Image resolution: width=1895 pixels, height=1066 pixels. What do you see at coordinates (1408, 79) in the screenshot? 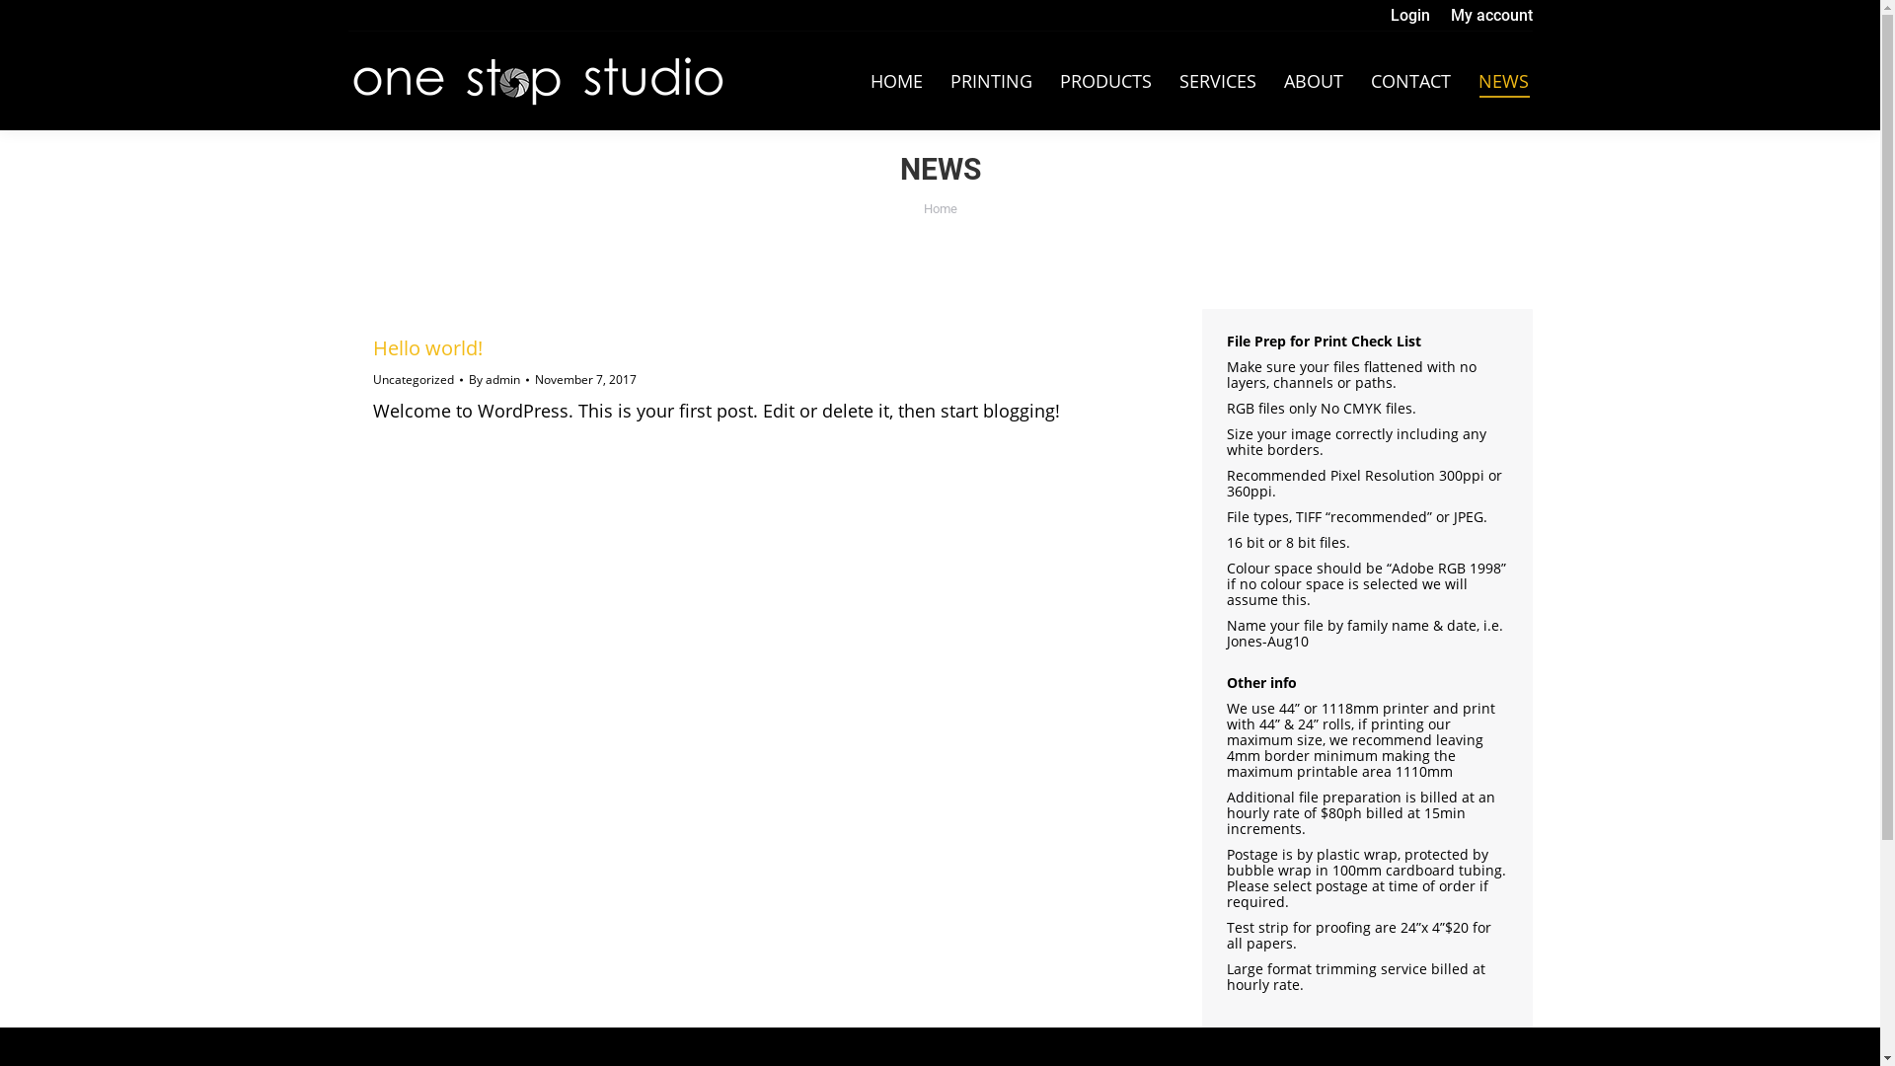
I see `'CONTACT'` at bounding box center [1408, 79].